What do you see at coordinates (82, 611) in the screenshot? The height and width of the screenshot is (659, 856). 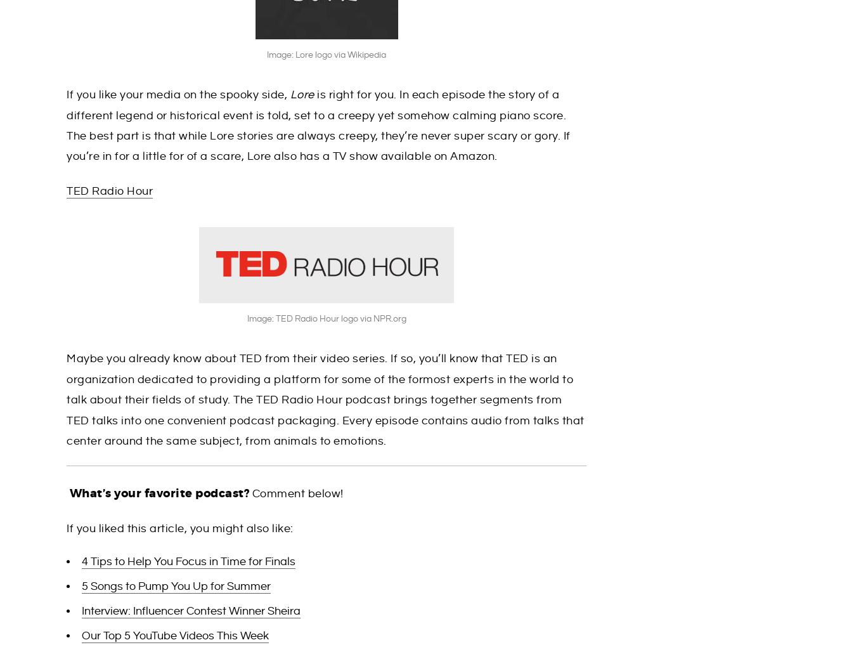 I see `'Interview: Influencer Contest Winner Sheira'` at bounding box center [82, 611].